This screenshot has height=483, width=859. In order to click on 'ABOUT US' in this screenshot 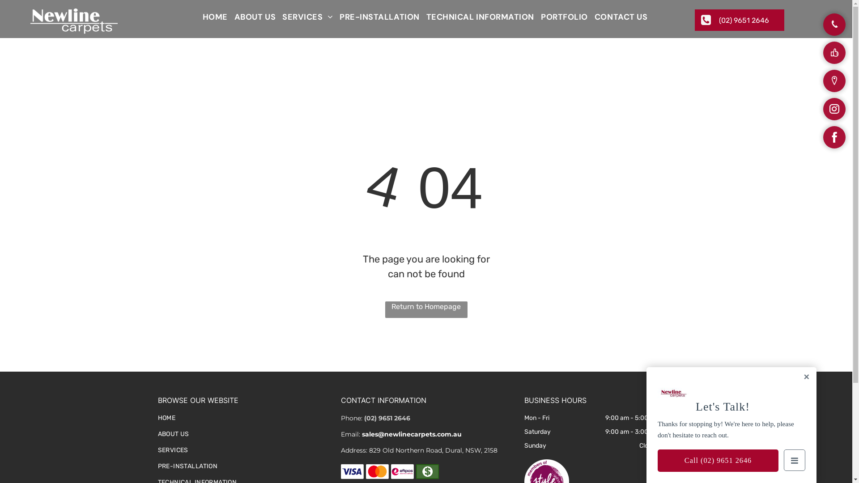, I will do `click(251, 17)`.